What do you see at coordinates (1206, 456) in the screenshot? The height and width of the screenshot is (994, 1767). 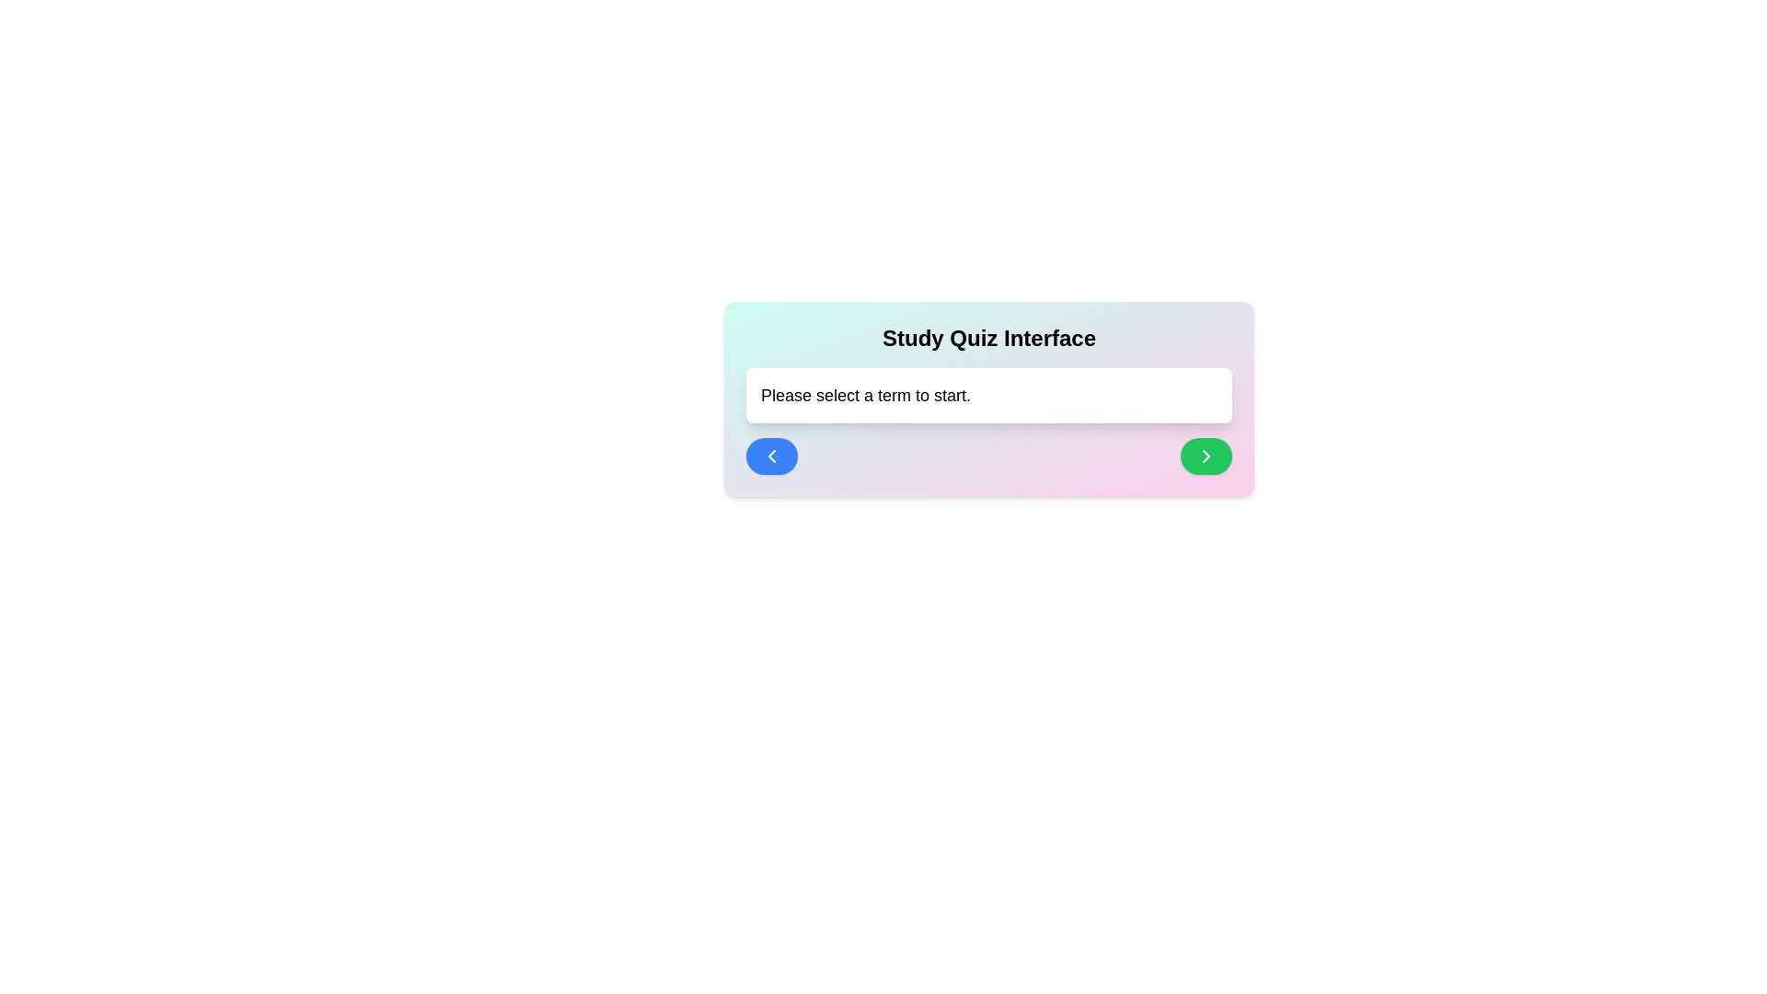 I see `the next navigation button to navigate between terms` at bounding box center [1206, 456].